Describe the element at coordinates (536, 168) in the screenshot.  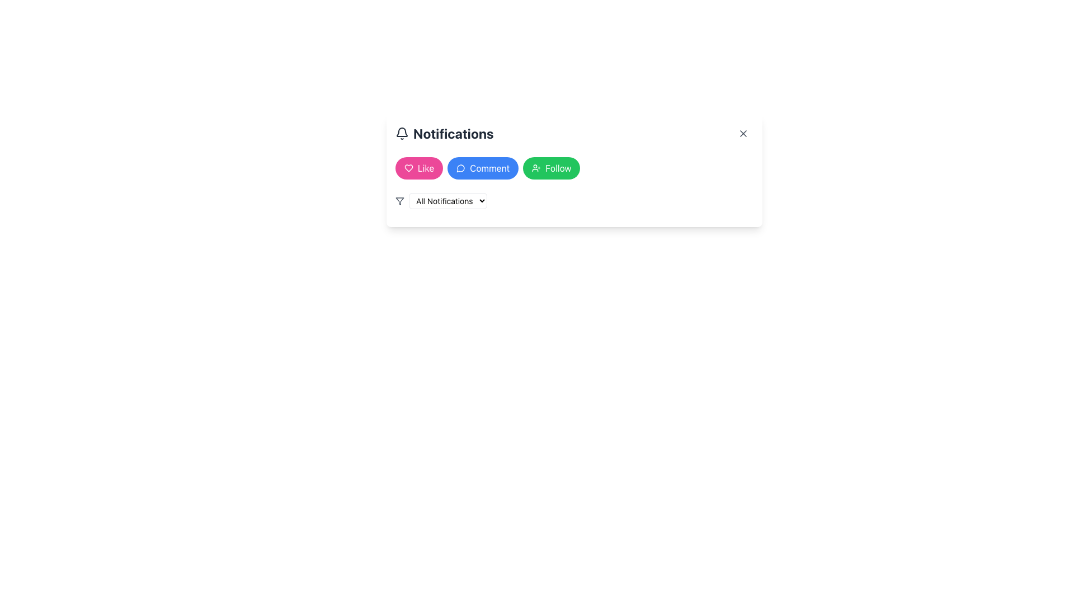
I see `the 'Follow' icon which is part of a green rounded rectangular button, located to the right of similar action buttons like 'Like' and 'Comment'` at that location.